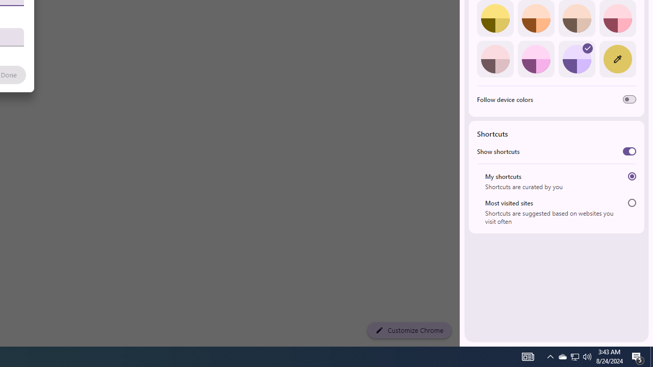 The image size is (653, 367). What do you see at coordinates (535, 59) in the screenshot?
I see `'Fuchsia'` at bounding box center [535, 59].